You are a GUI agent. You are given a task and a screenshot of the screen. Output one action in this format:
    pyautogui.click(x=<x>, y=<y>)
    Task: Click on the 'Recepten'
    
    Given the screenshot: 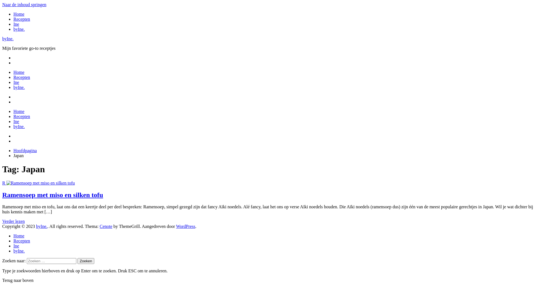 What is the action you would take?
    pyautogui.click(x=22, y=77)
    